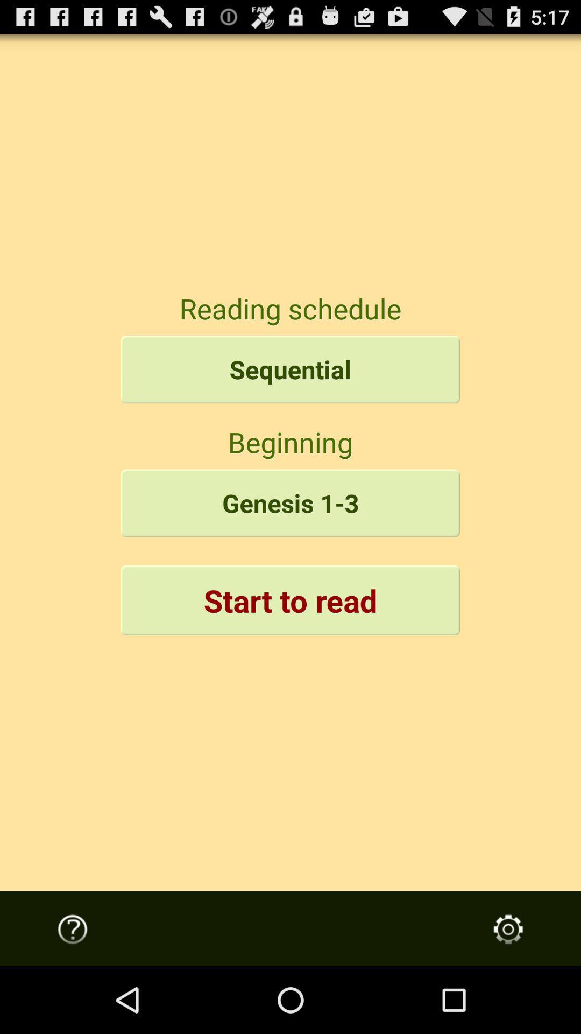 The width and height of the screenshot is (581, 1034). I want to click on button below genesis 1-3 icon, so click(290, 599).